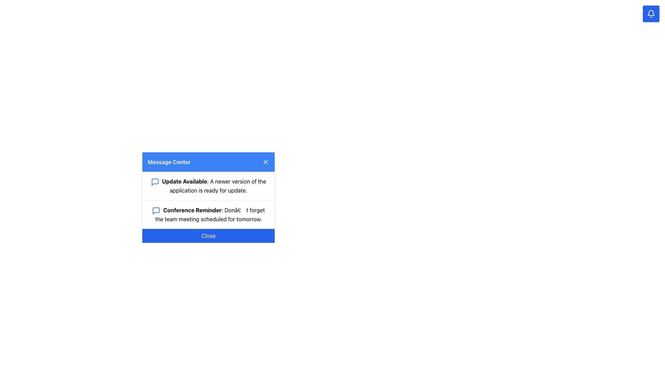  I want to click on the close button located at the bottom of the 'Message Center' modal dialog, so click(208, 235).